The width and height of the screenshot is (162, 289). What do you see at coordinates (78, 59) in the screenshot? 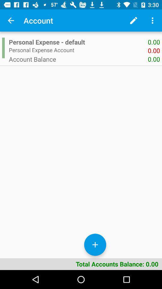
I see `item next to the 0.00 item` at bounding box center [78, 59].